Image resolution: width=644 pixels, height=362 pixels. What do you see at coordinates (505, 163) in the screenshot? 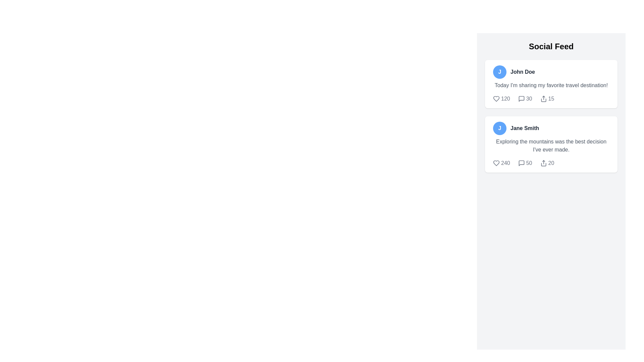
I see `numeric value displayed in the label element showing '240', located within the second post of the social feed, to the right of a heart-shaped icon` at bounding box center [505, 163].